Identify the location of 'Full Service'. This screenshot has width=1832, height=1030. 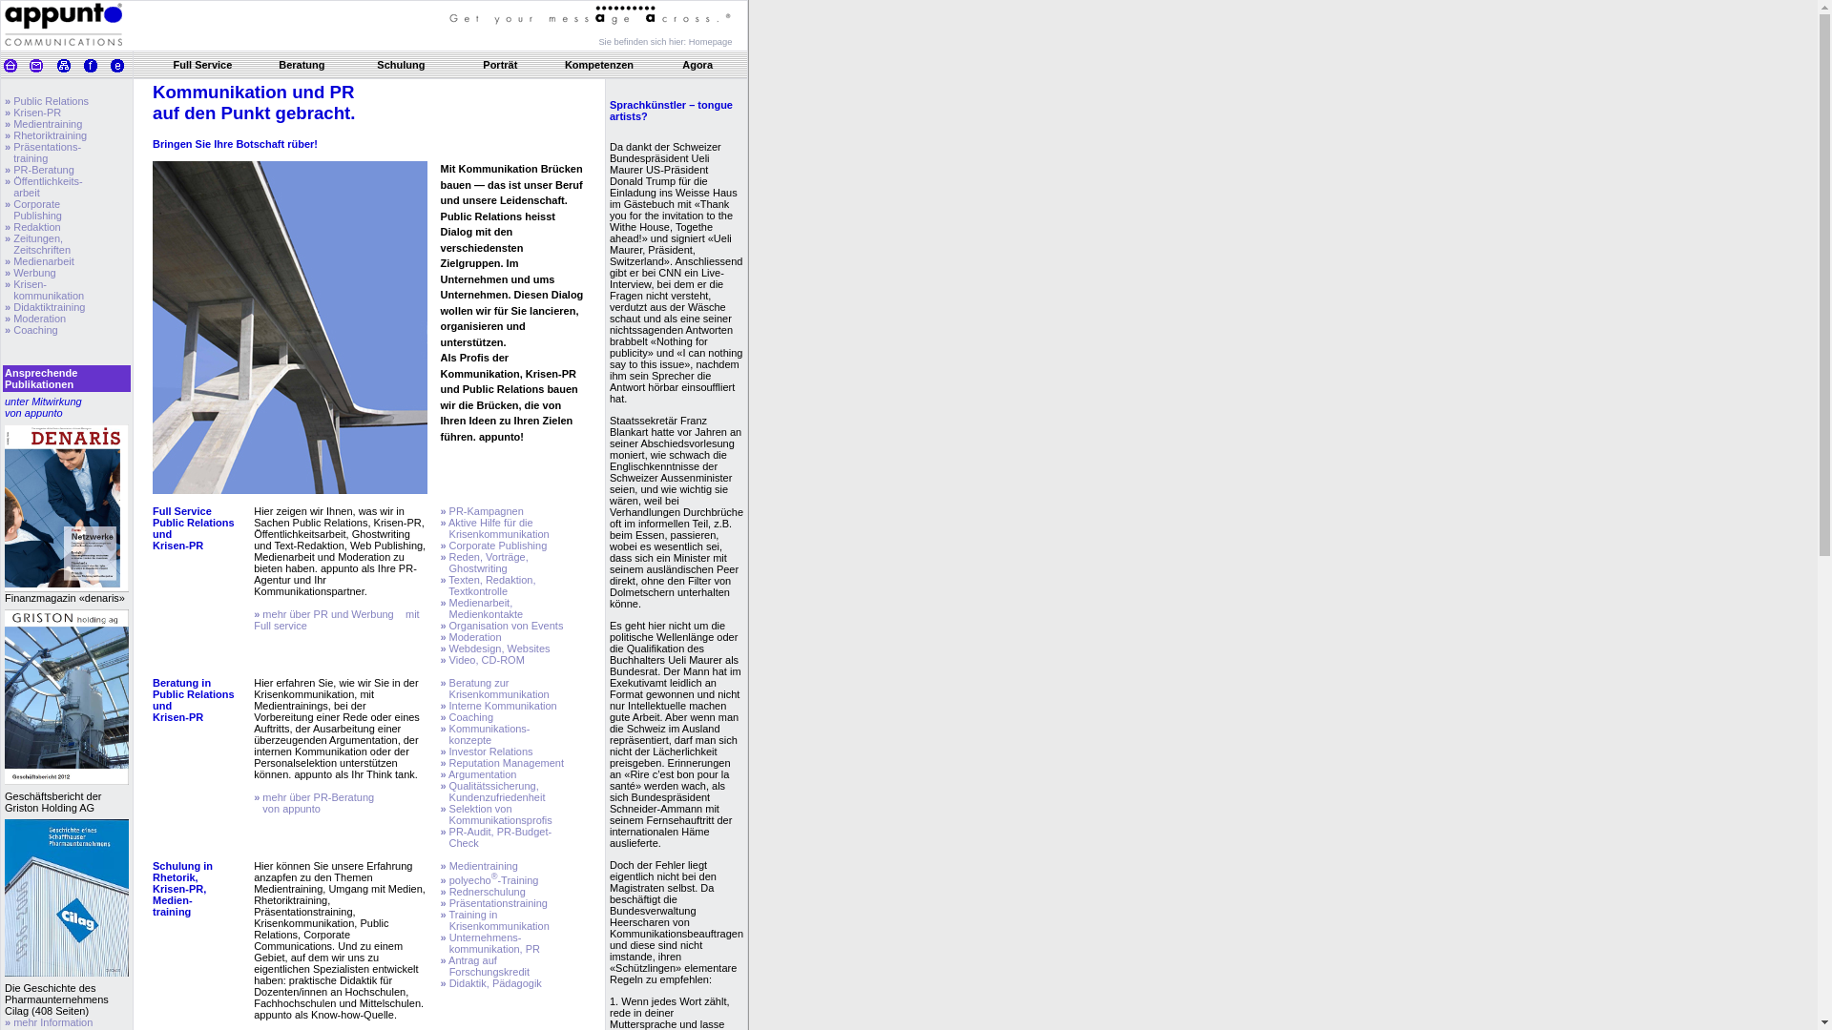
(202, 64).